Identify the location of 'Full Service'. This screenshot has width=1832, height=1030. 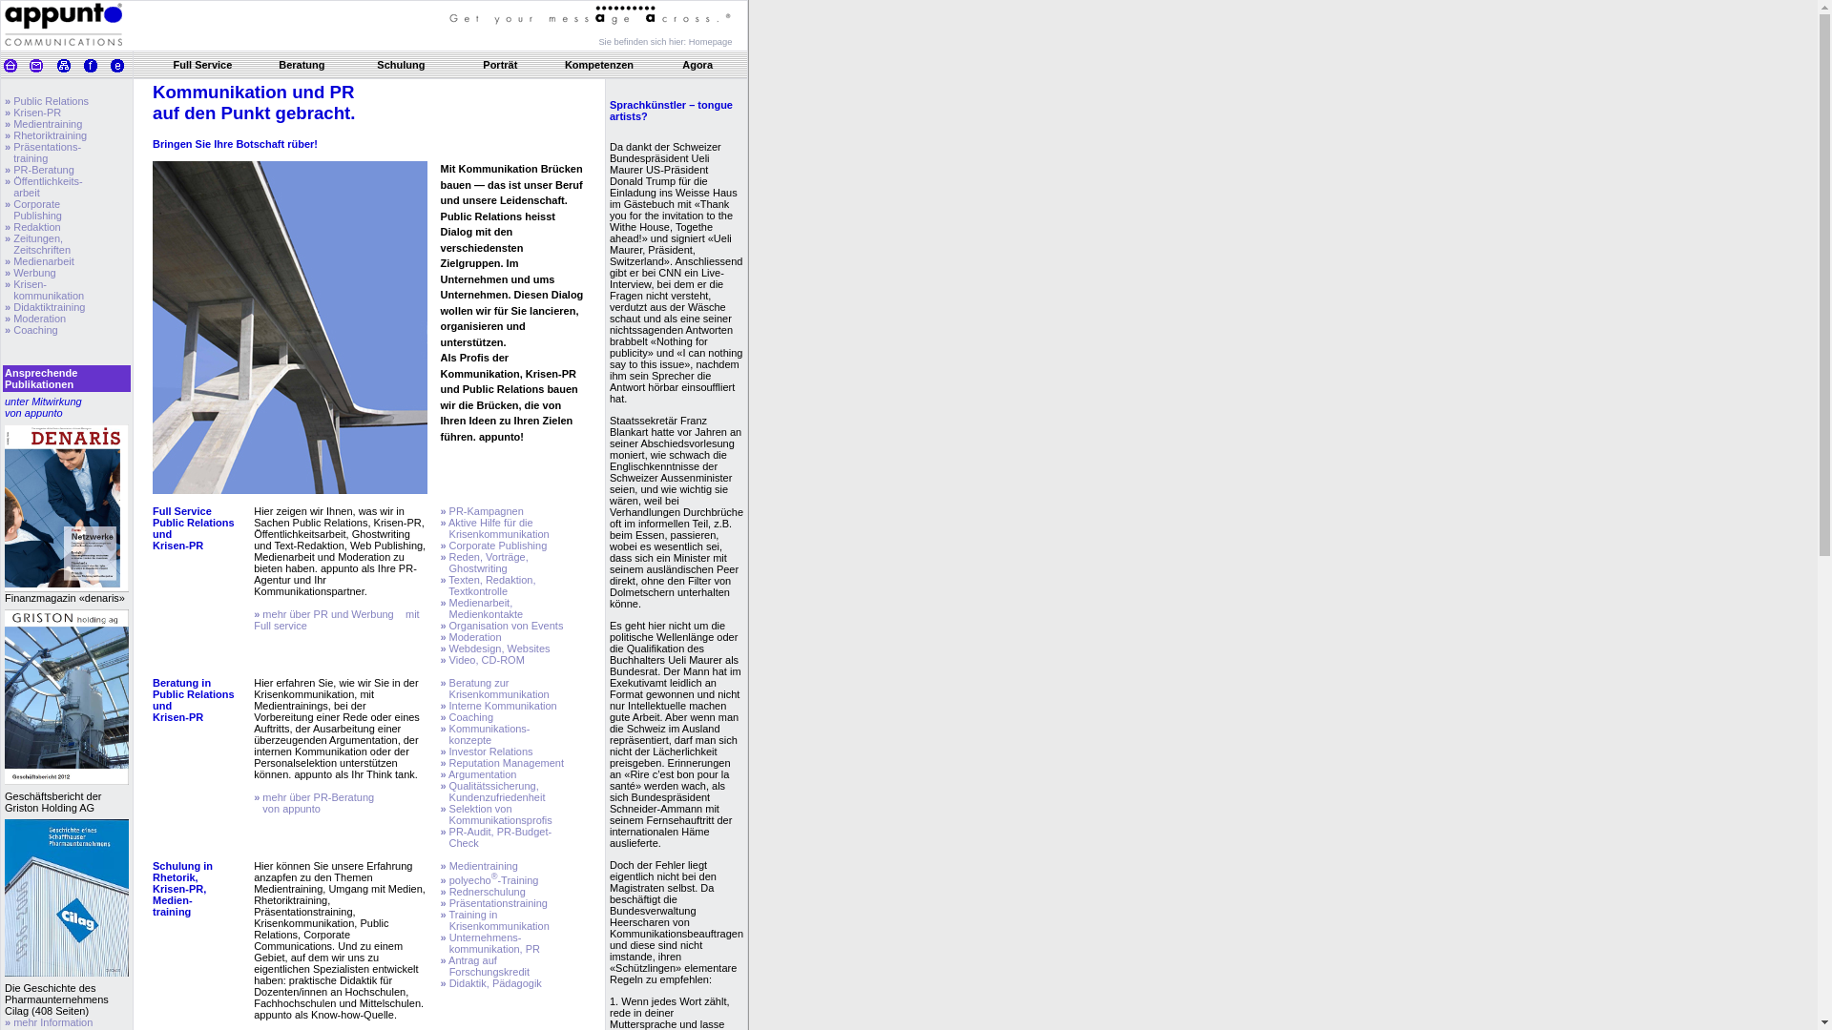
(202, 64).